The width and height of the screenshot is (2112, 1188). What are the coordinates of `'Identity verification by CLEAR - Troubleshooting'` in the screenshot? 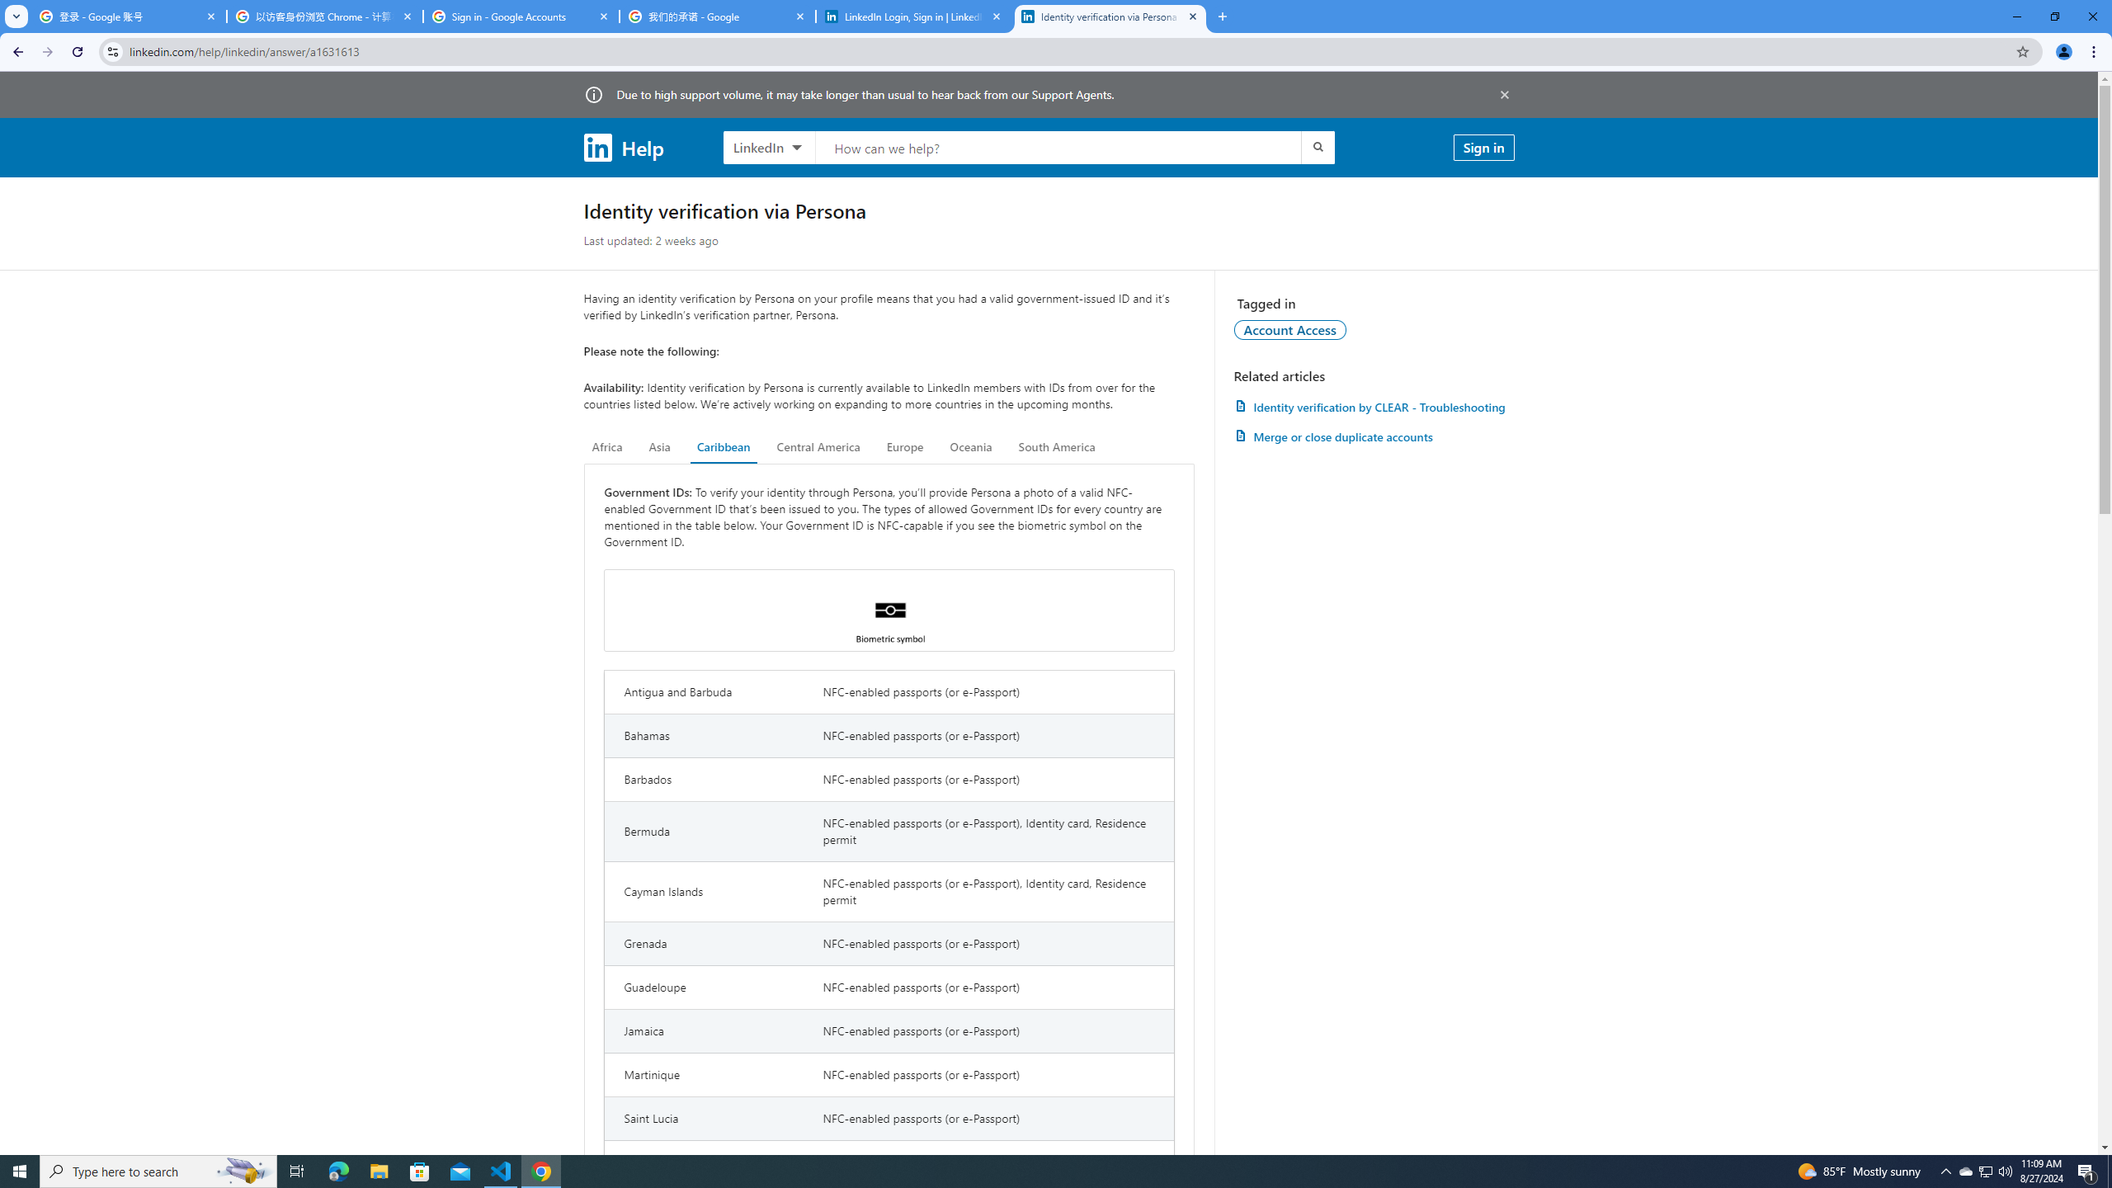 It's located at (1373, 407).